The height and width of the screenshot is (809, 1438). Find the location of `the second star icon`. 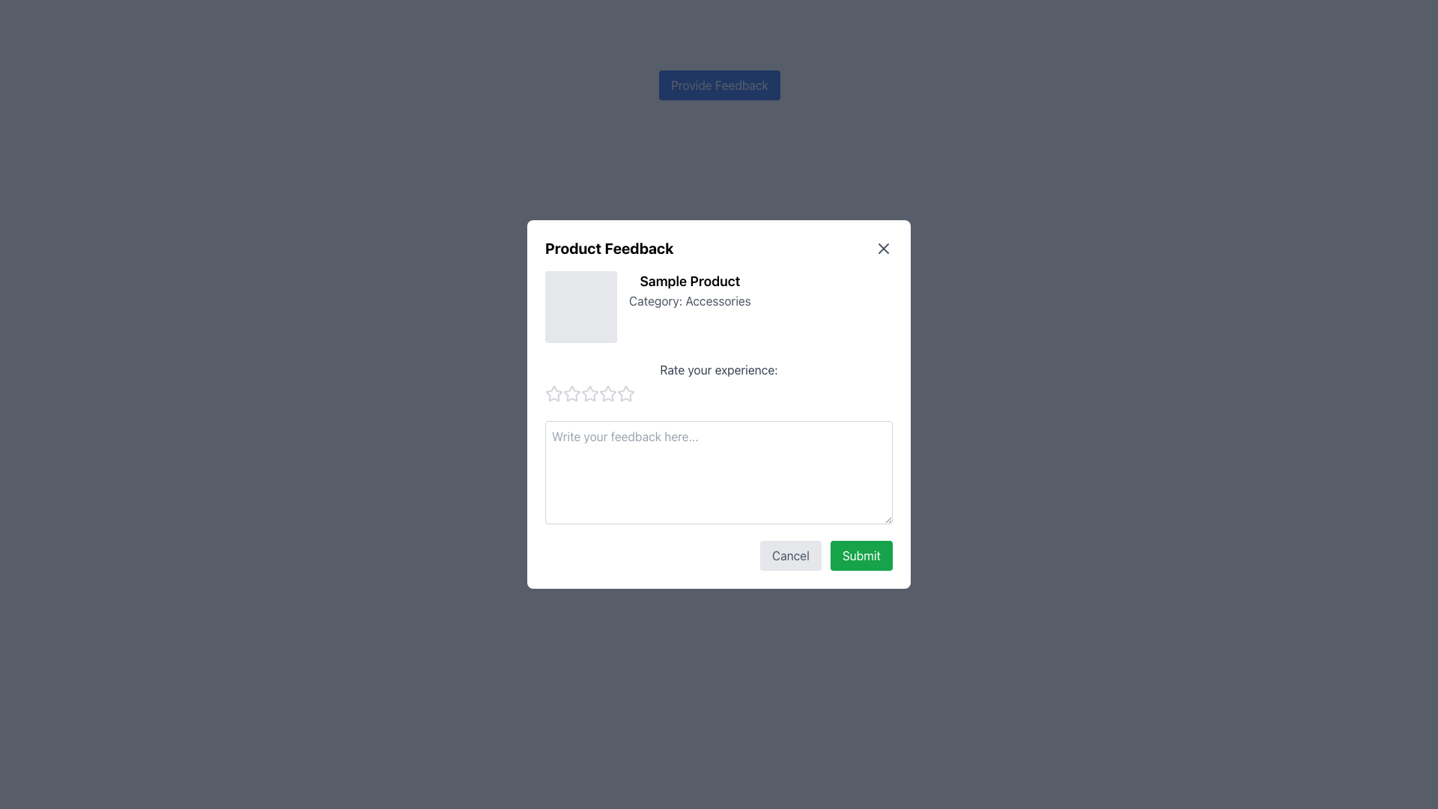

the second star icon is located at coordinates (625, 393).